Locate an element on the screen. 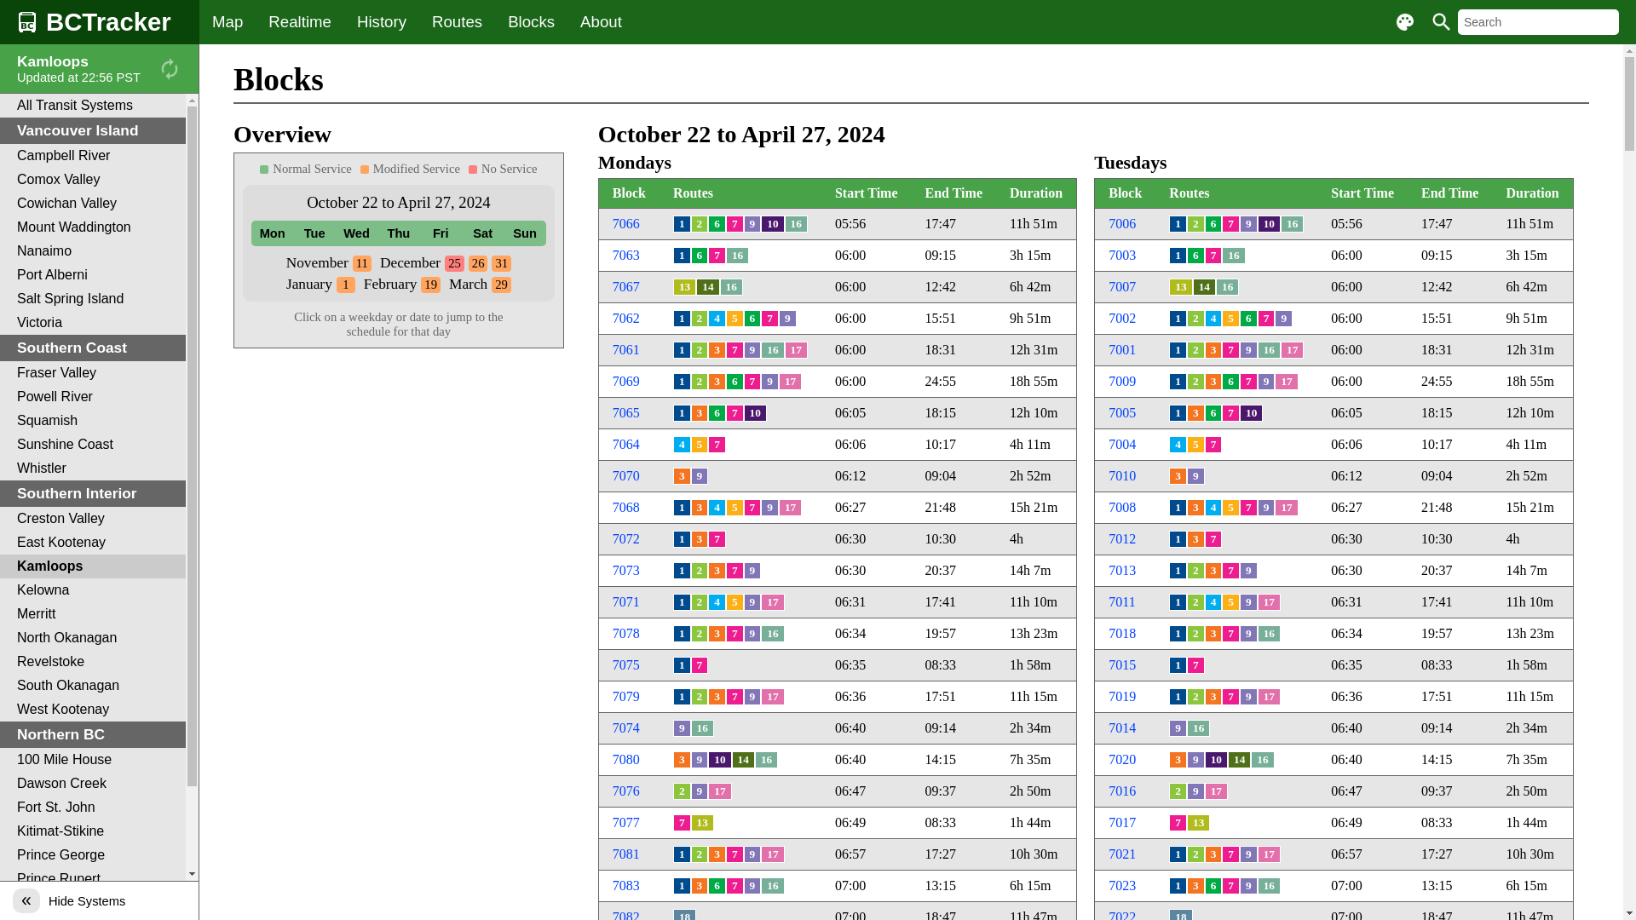 This screenshot has height=920, width=1636. 'Quesnel' is located at coordinates (92, 902).